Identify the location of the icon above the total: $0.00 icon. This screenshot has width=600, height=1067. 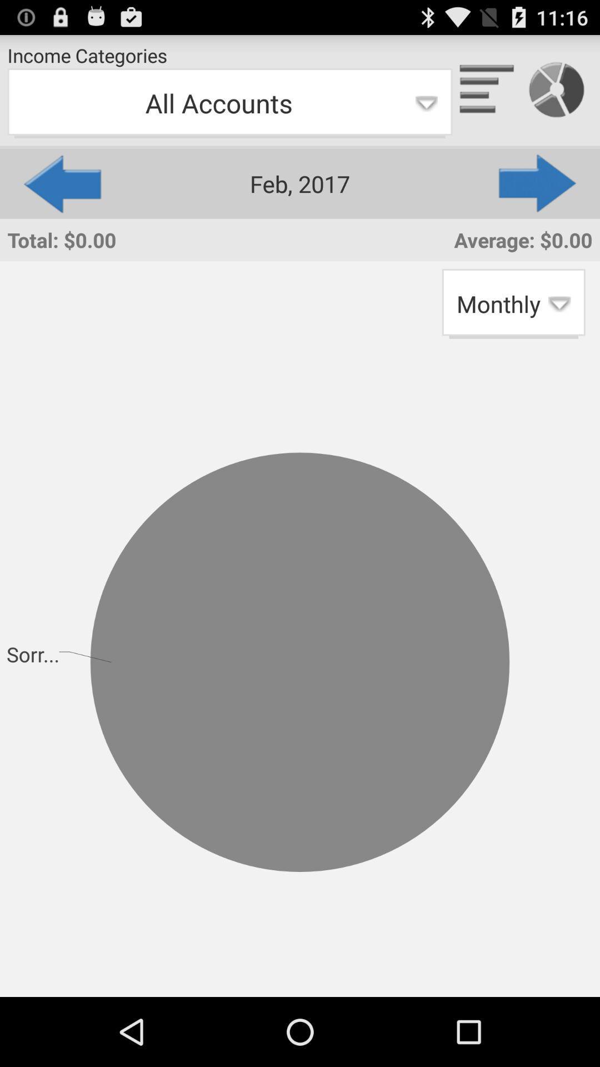
(61, 183).